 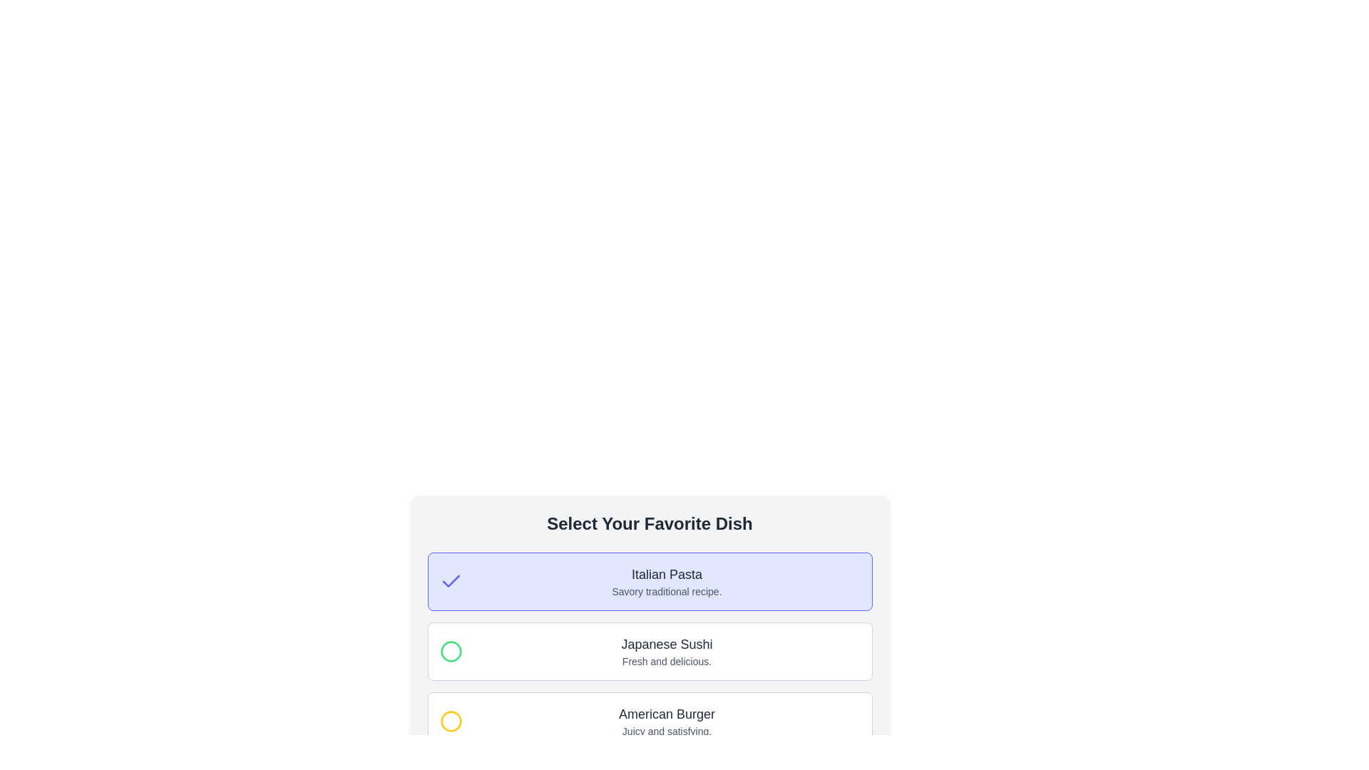 What do you see at coordinates (649, 652) in the screenshot?
I see `the 'Japanese Sushi' option card in the 'Select Your Favorite Dish' section` at bounding box center [649, 652].